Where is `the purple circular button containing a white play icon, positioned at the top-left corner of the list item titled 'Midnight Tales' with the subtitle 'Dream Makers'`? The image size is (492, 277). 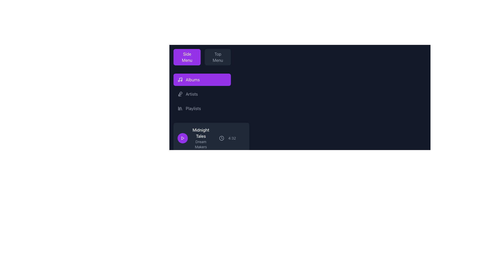 the purple circular button containing a white play icon, positioned at the top-left corner of the list item titled 'Midnight Tales' with the subtitle 'Dream Makers' is located at coordinates (183, 138).